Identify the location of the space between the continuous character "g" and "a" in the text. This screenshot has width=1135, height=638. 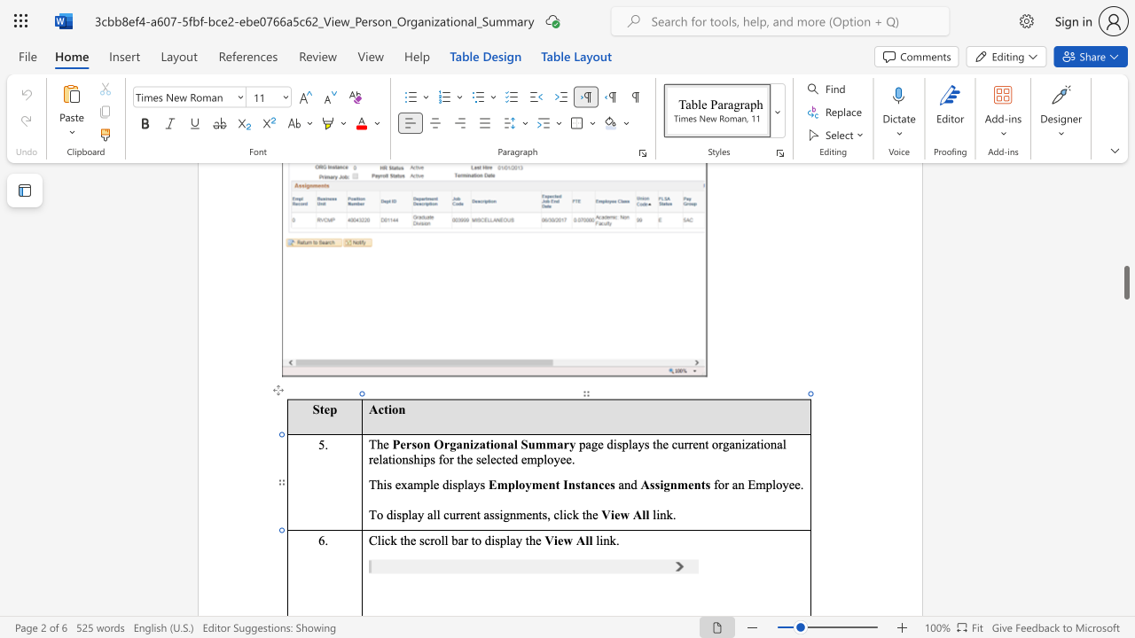
(456, 443).